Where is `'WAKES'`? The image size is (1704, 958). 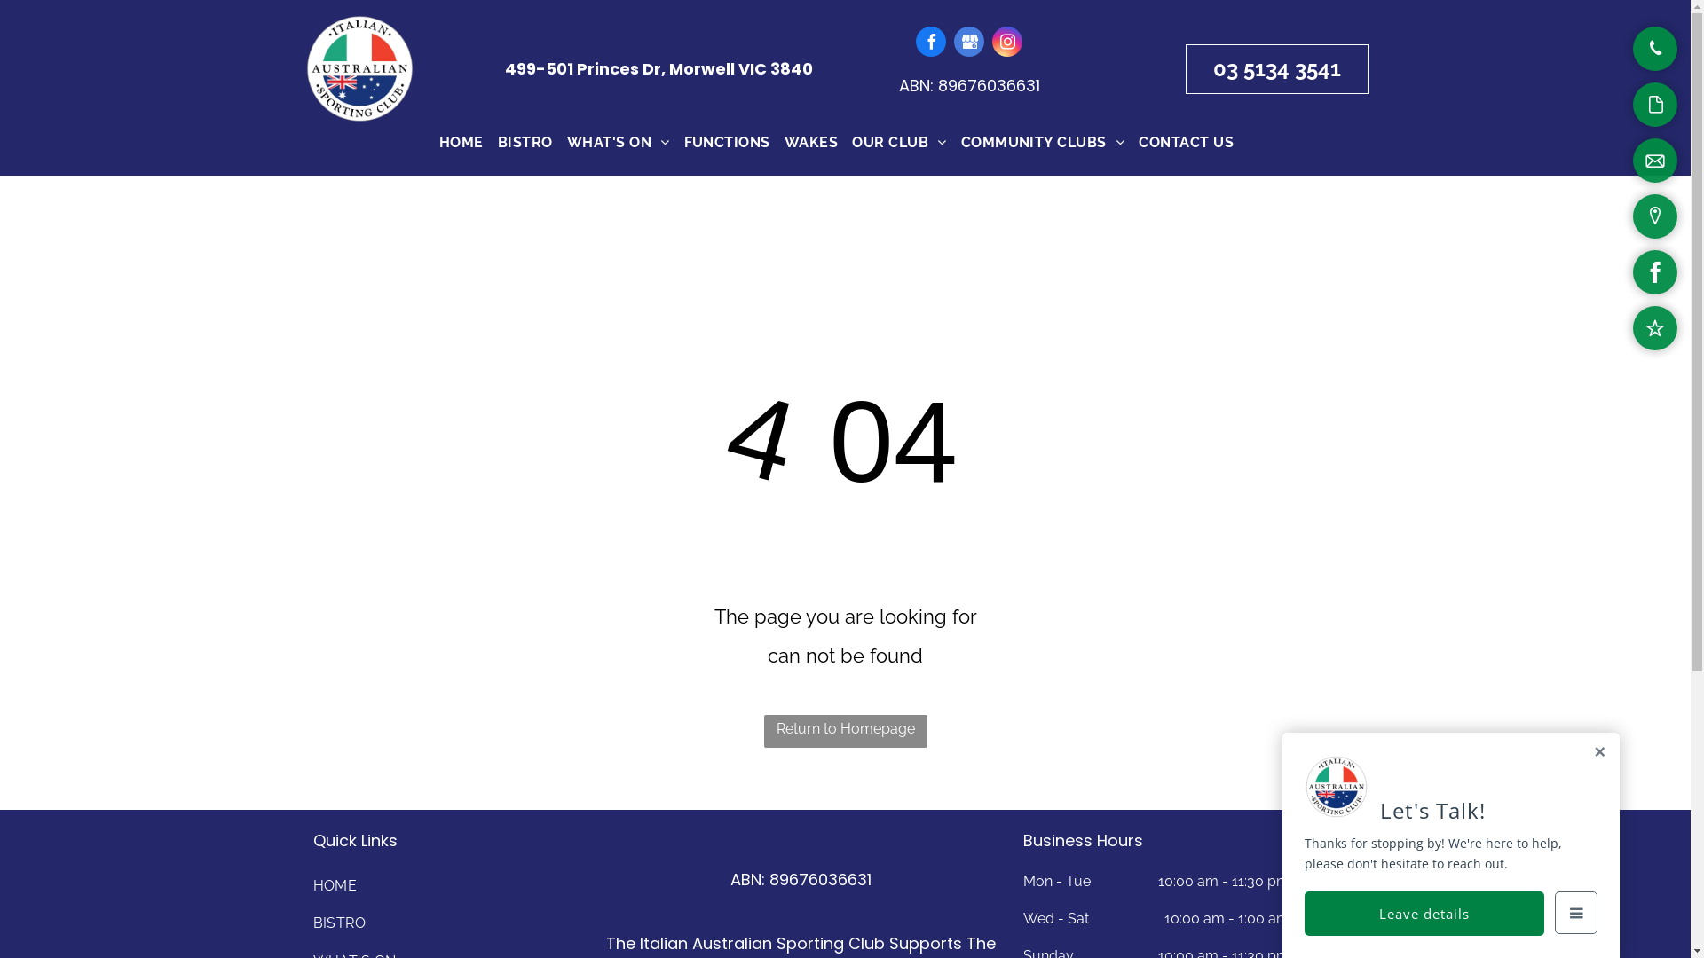 'WAKES' is located at coordinates (809, 142).